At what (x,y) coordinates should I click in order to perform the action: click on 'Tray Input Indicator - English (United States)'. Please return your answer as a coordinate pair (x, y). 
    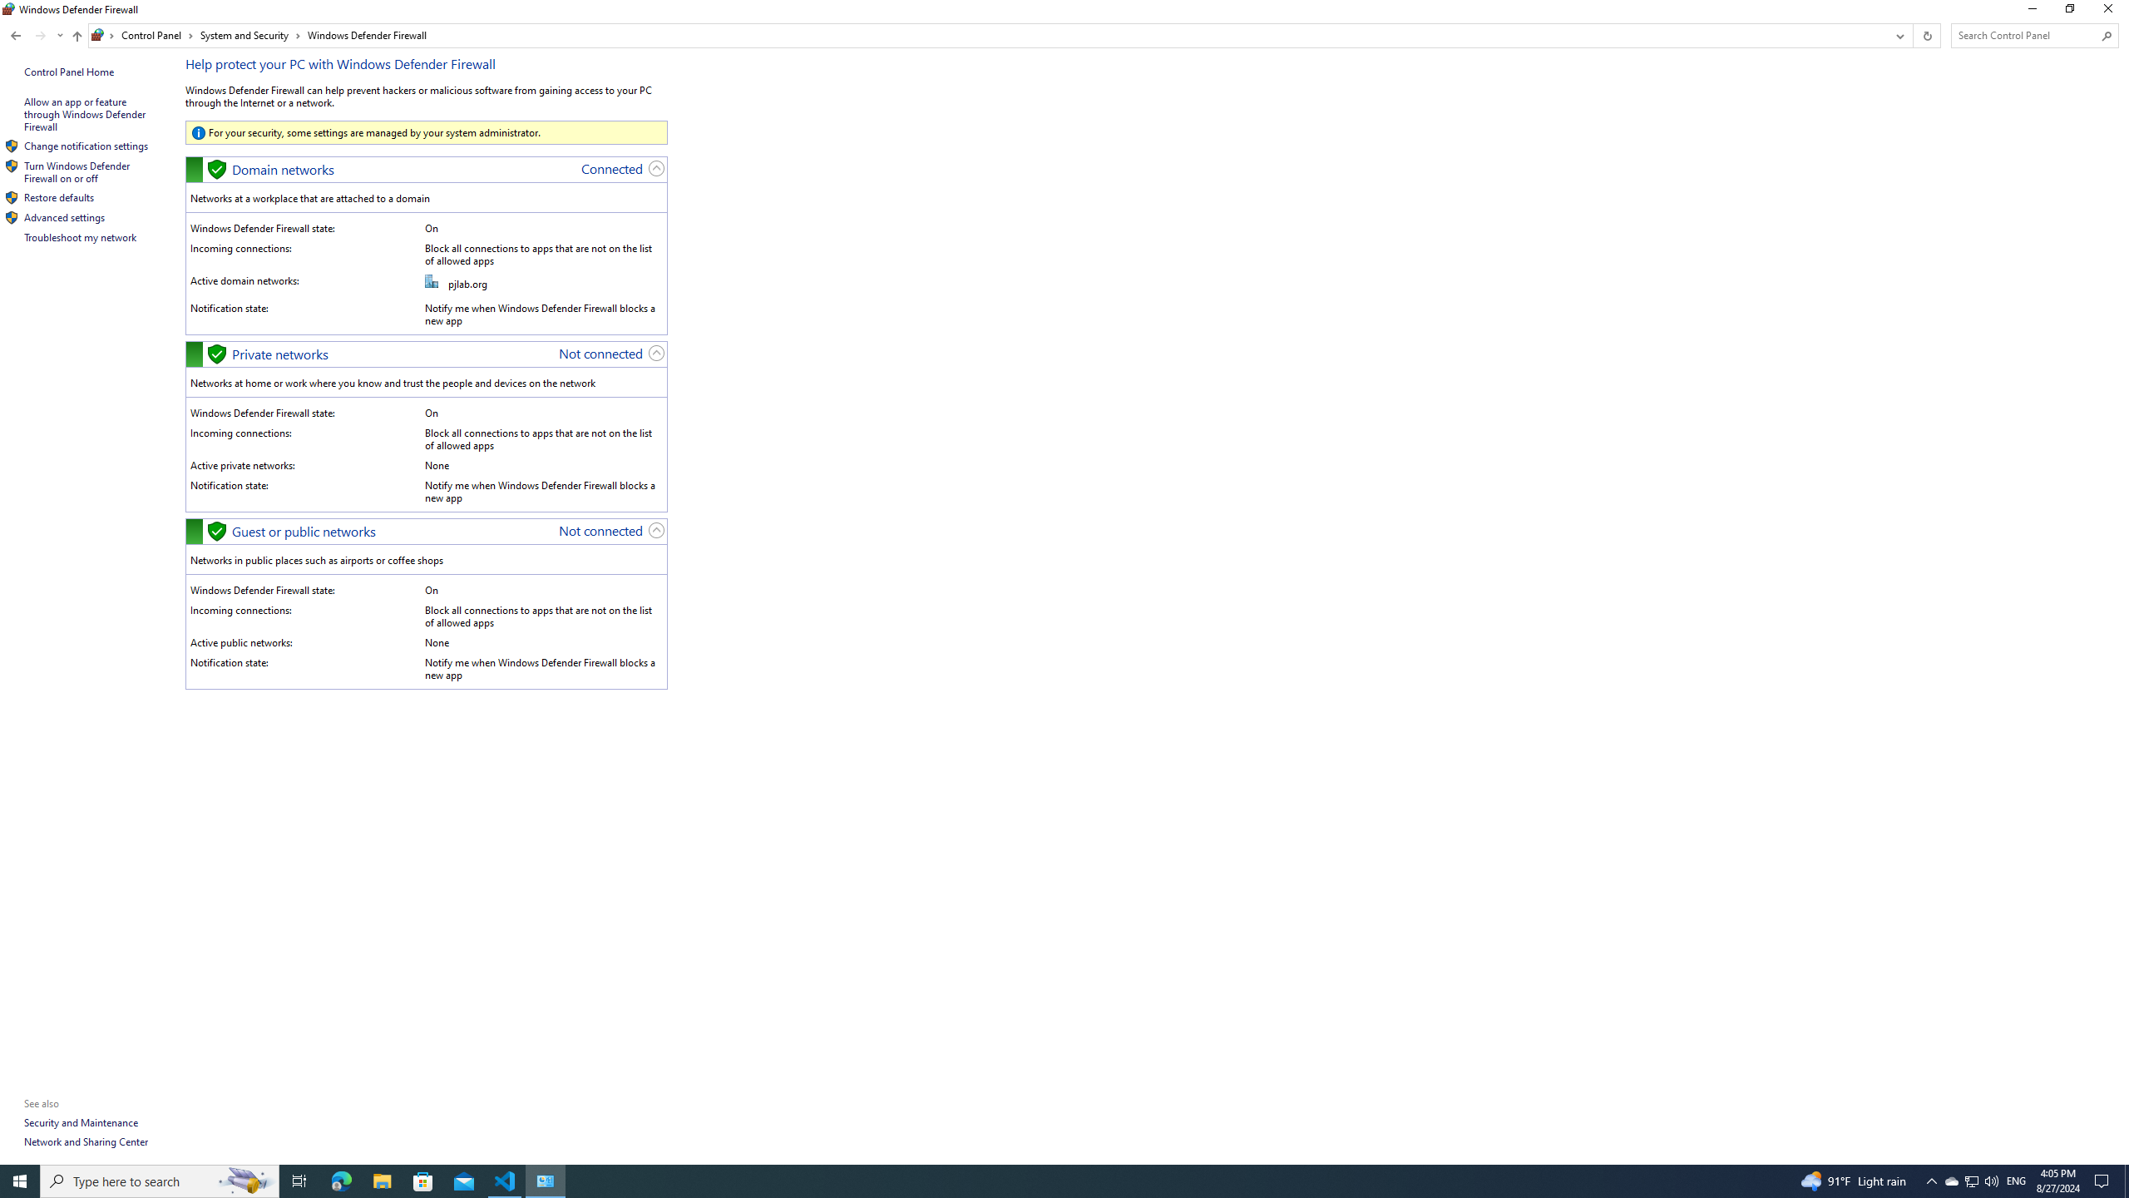
    Looking at the image, I should click on (2016, 1180).